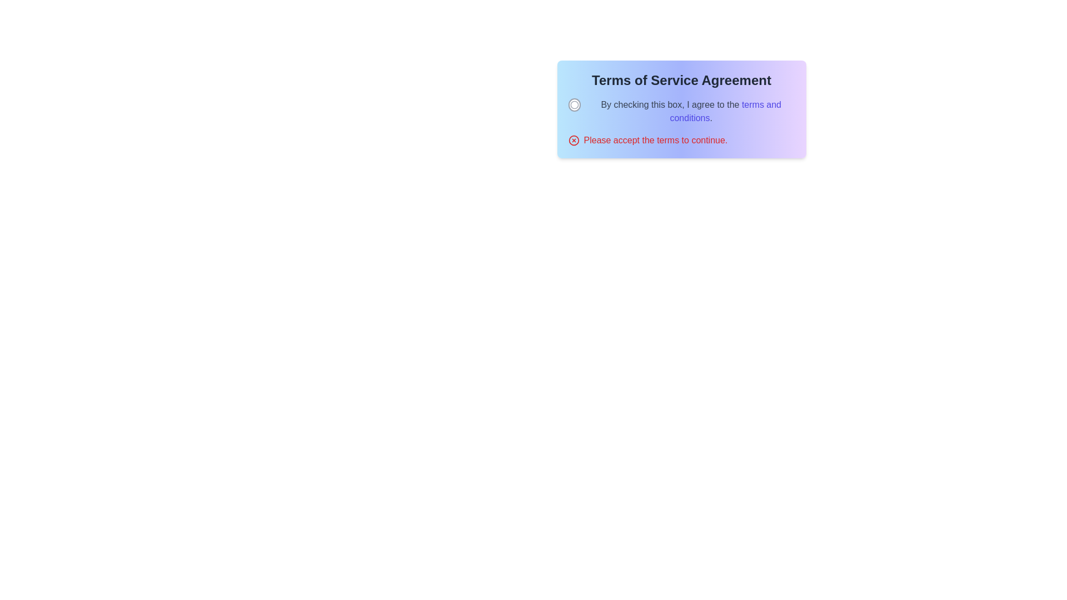  Describe the element at coordinates (574, 105) in the screenshot. I see `the checkbox located in the top-left part of the dialog box that precedes the text 'By checking this box, I agree to the terms and conditions' for potential tooltip or visual feedback` at that location.